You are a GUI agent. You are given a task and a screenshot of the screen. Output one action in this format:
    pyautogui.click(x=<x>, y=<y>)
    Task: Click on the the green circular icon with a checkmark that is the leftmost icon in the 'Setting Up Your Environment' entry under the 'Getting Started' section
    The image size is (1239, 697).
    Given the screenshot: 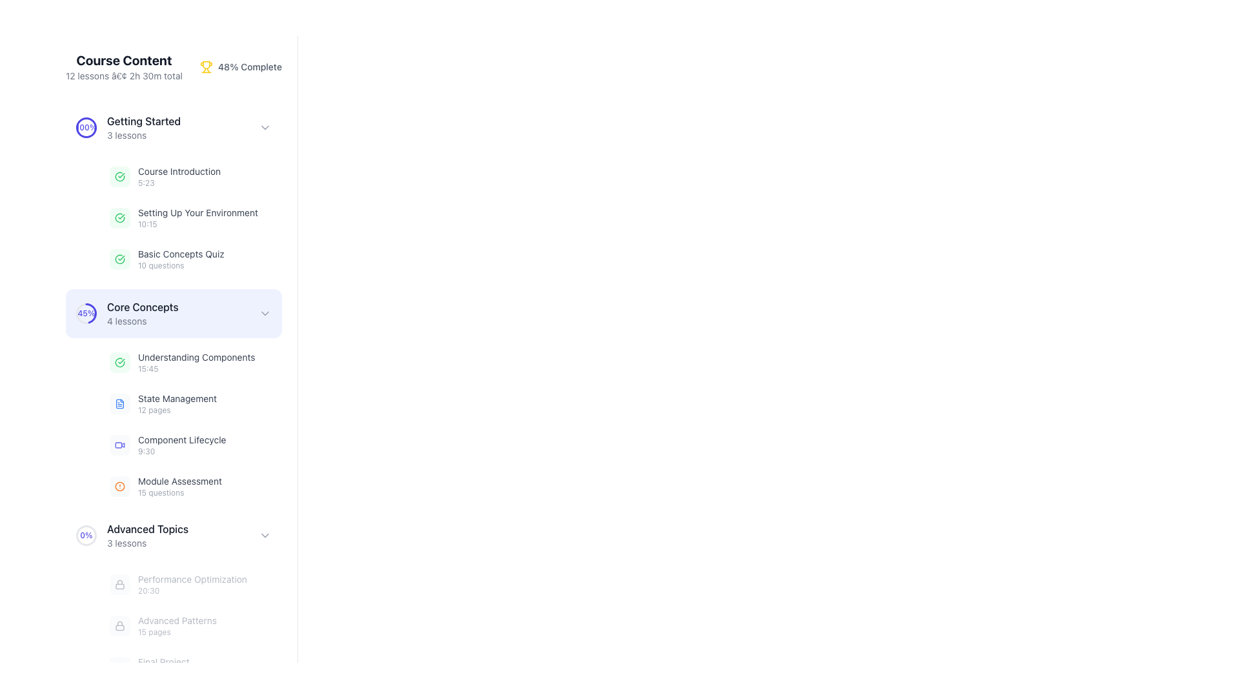 What is the action you would take?
    pyautogui.click(x=120, y=217)
    